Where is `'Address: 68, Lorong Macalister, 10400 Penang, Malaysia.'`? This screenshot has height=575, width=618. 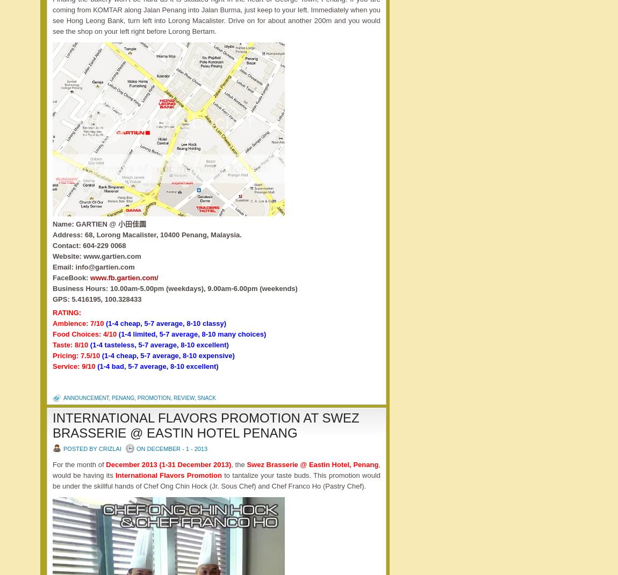
'Address: 68, Lorong Macalister, 10400 Penang, Malaysia.' is located at coordinates (52, 235).